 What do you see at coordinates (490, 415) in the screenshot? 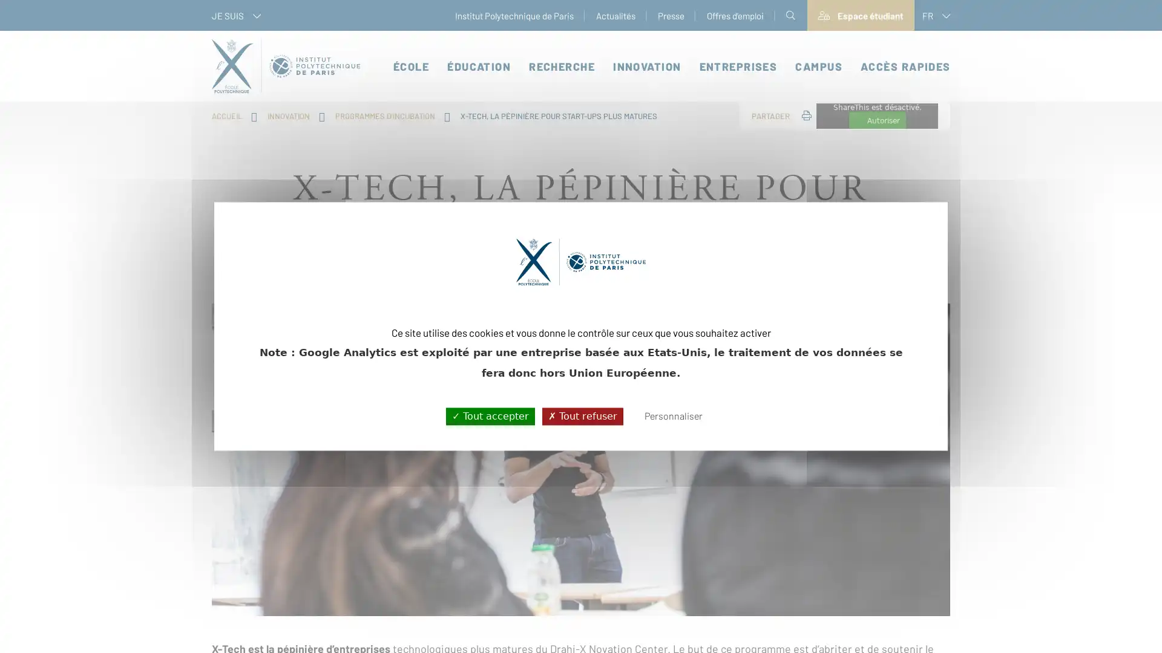
I see `Tout accepter` at bounding box center [490, 415].